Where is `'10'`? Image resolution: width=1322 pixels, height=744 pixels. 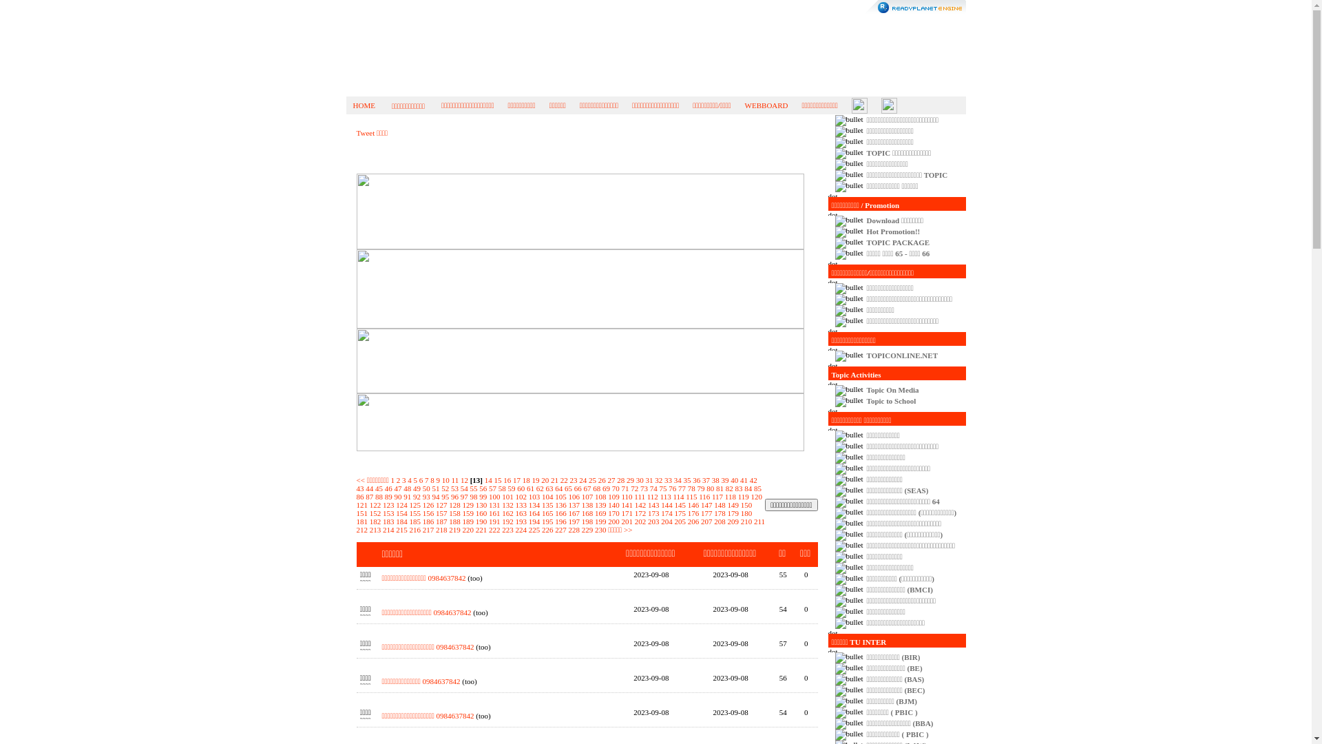 '10' is located at coordinates (442, 479).